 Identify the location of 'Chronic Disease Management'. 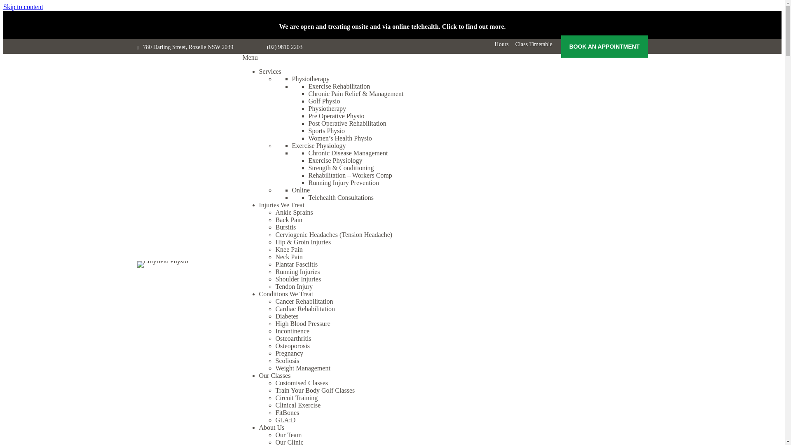
(348, 153).